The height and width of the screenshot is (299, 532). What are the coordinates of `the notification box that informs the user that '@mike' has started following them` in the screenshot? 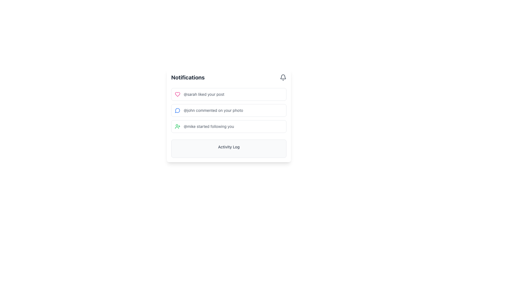 It's located at (229, 126).